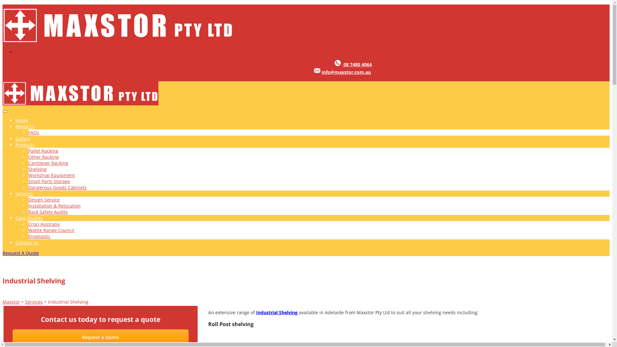  I want to click on 'Cantilever Racking', so click(28, 163).